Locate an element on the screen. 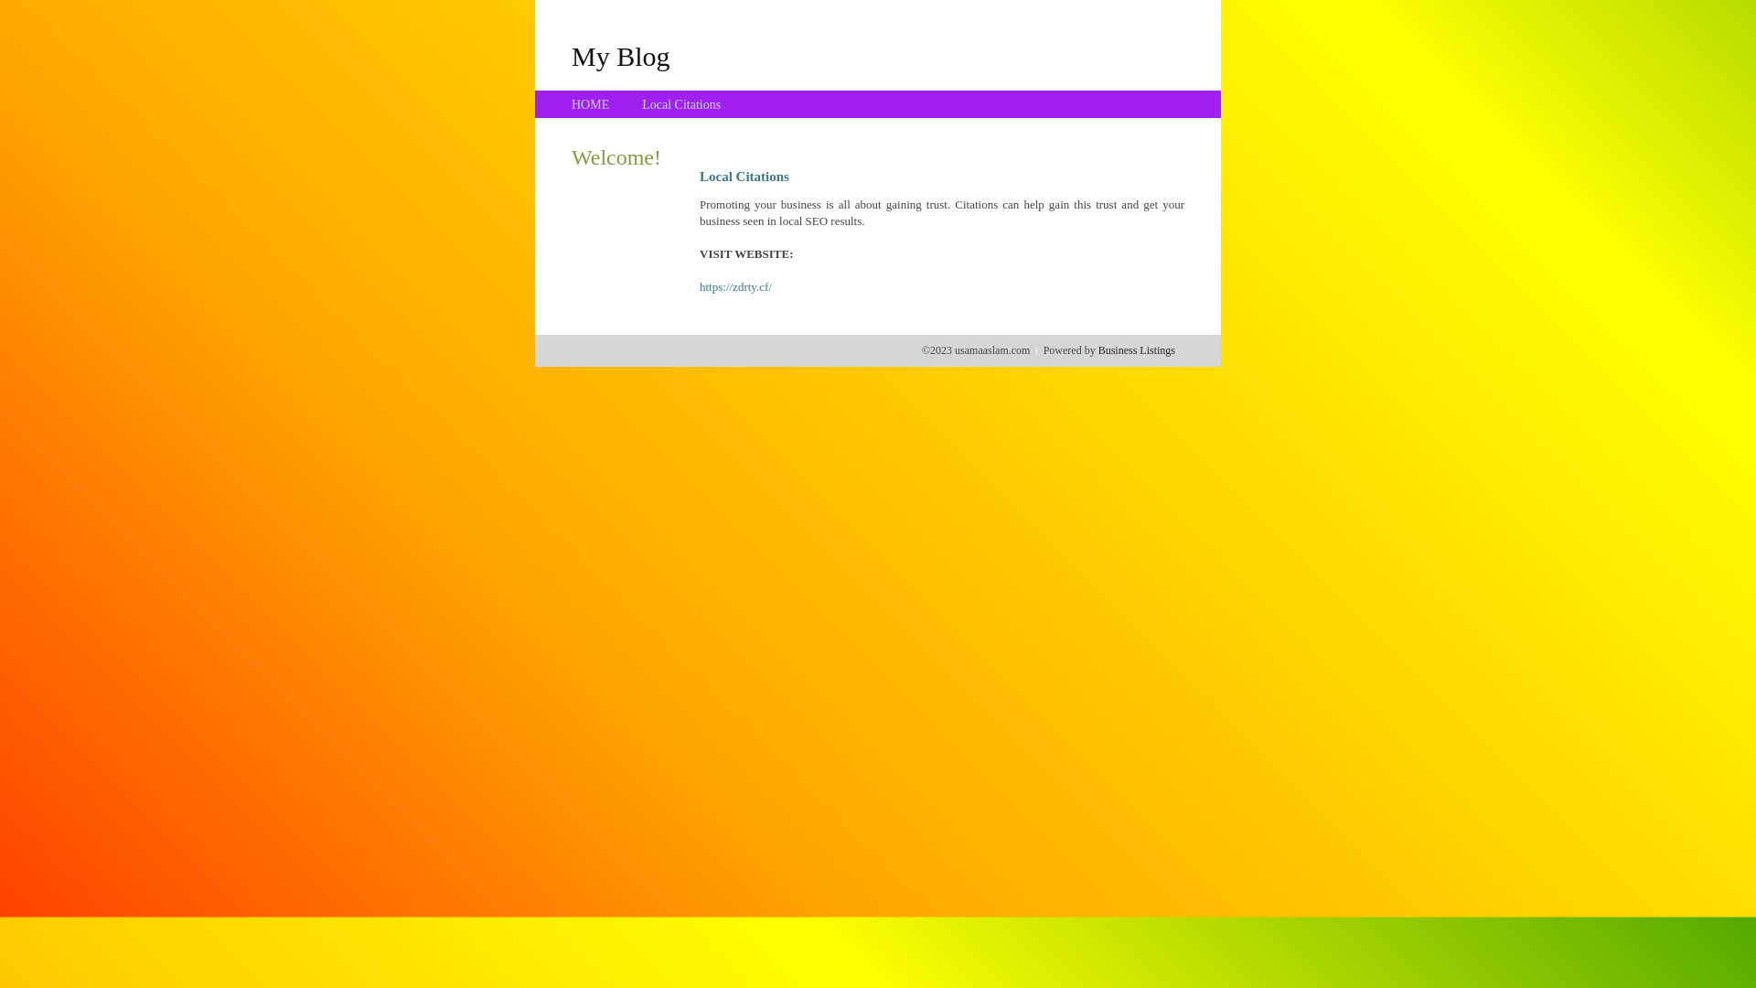  'Local Citations' is located at coordinates (680, 104).